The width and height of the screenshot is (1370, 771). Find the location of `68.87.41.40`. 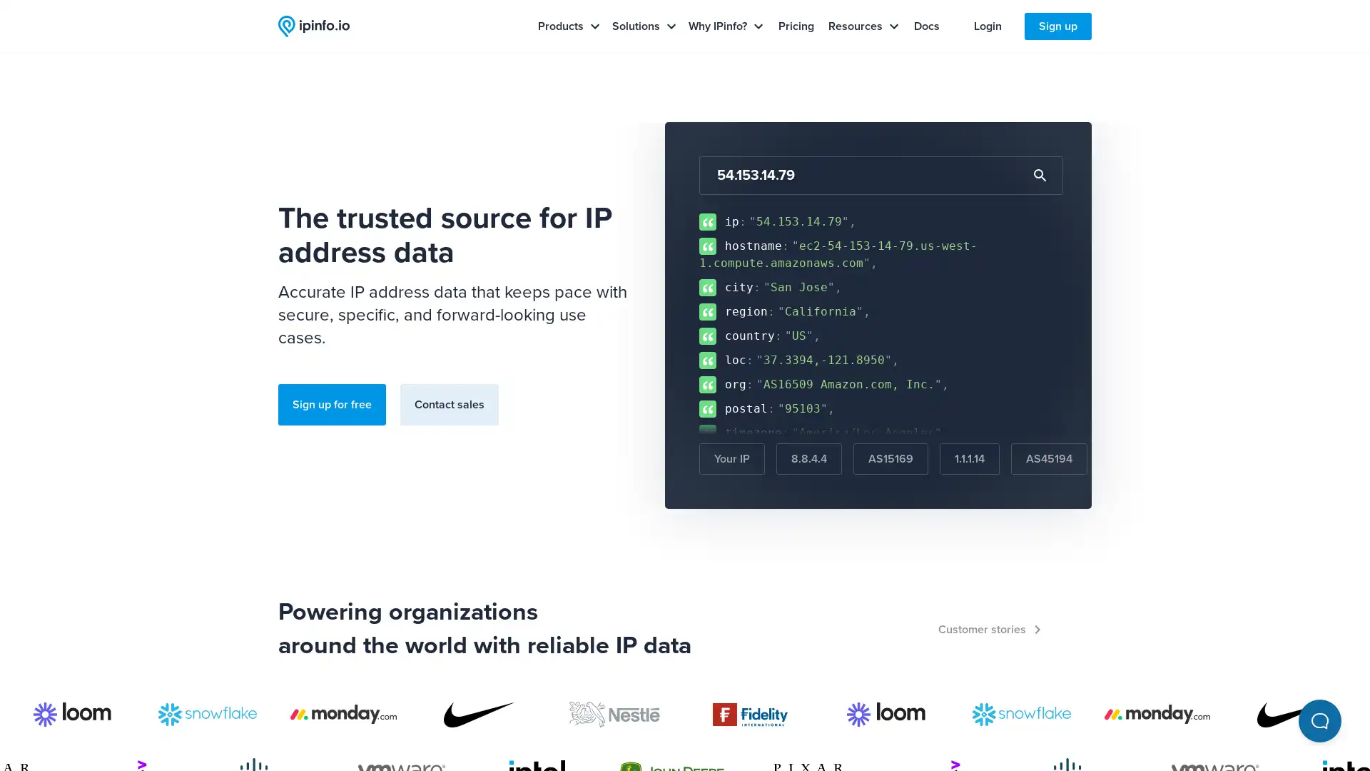

68.87.41.40 is located at coordinates (1143, 459).